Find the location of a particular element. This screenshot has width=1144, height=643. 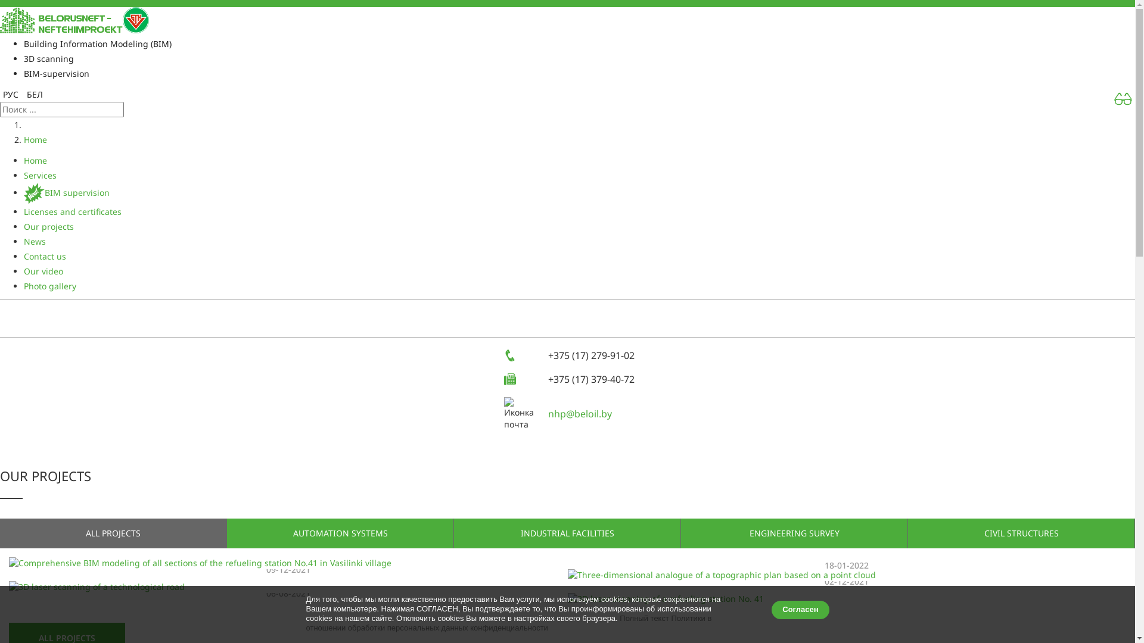

'Contact us' is located at coordinates (45, 255).